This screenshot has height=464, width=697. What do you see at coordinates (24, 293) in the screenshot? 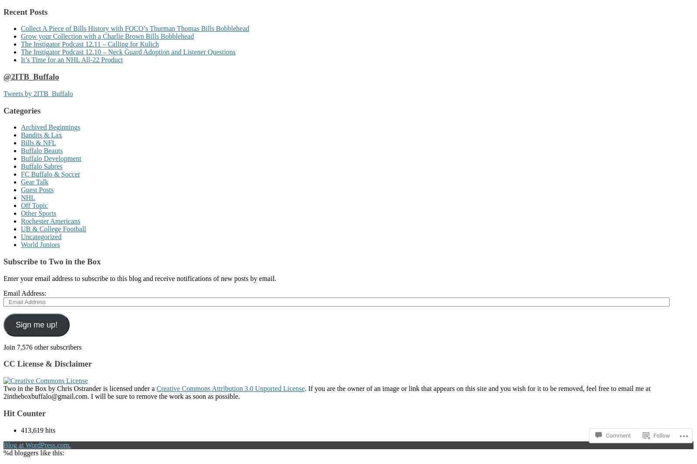
I see `'Email Address:'` at bounding box center [24, 293].